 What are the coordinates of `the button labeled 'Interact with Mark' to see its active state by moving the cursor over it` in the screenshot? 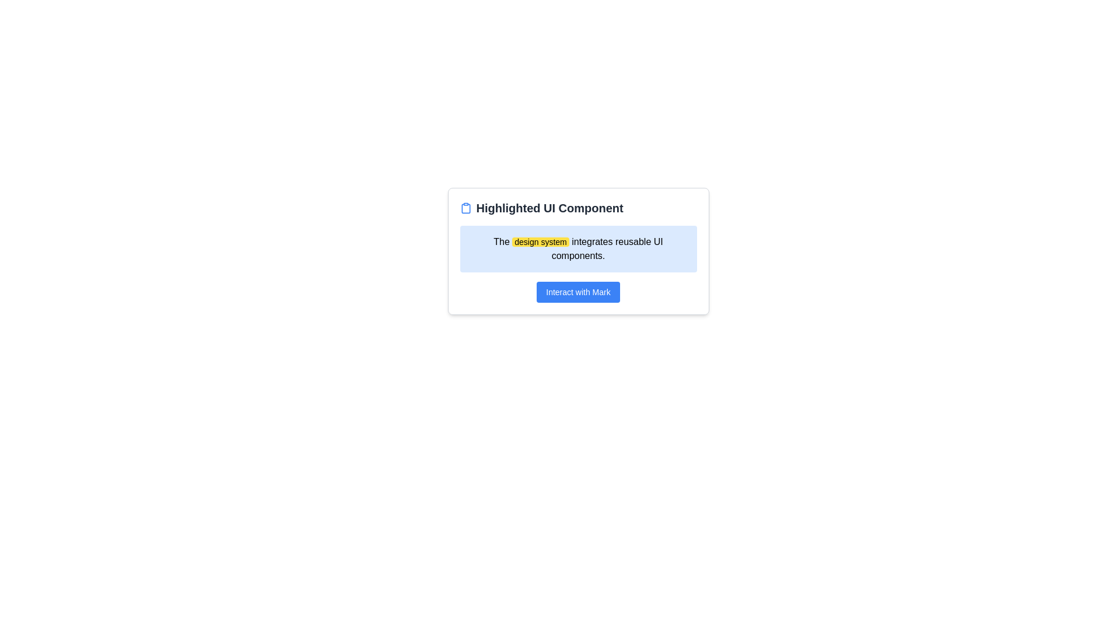 It's located at (578, 292).